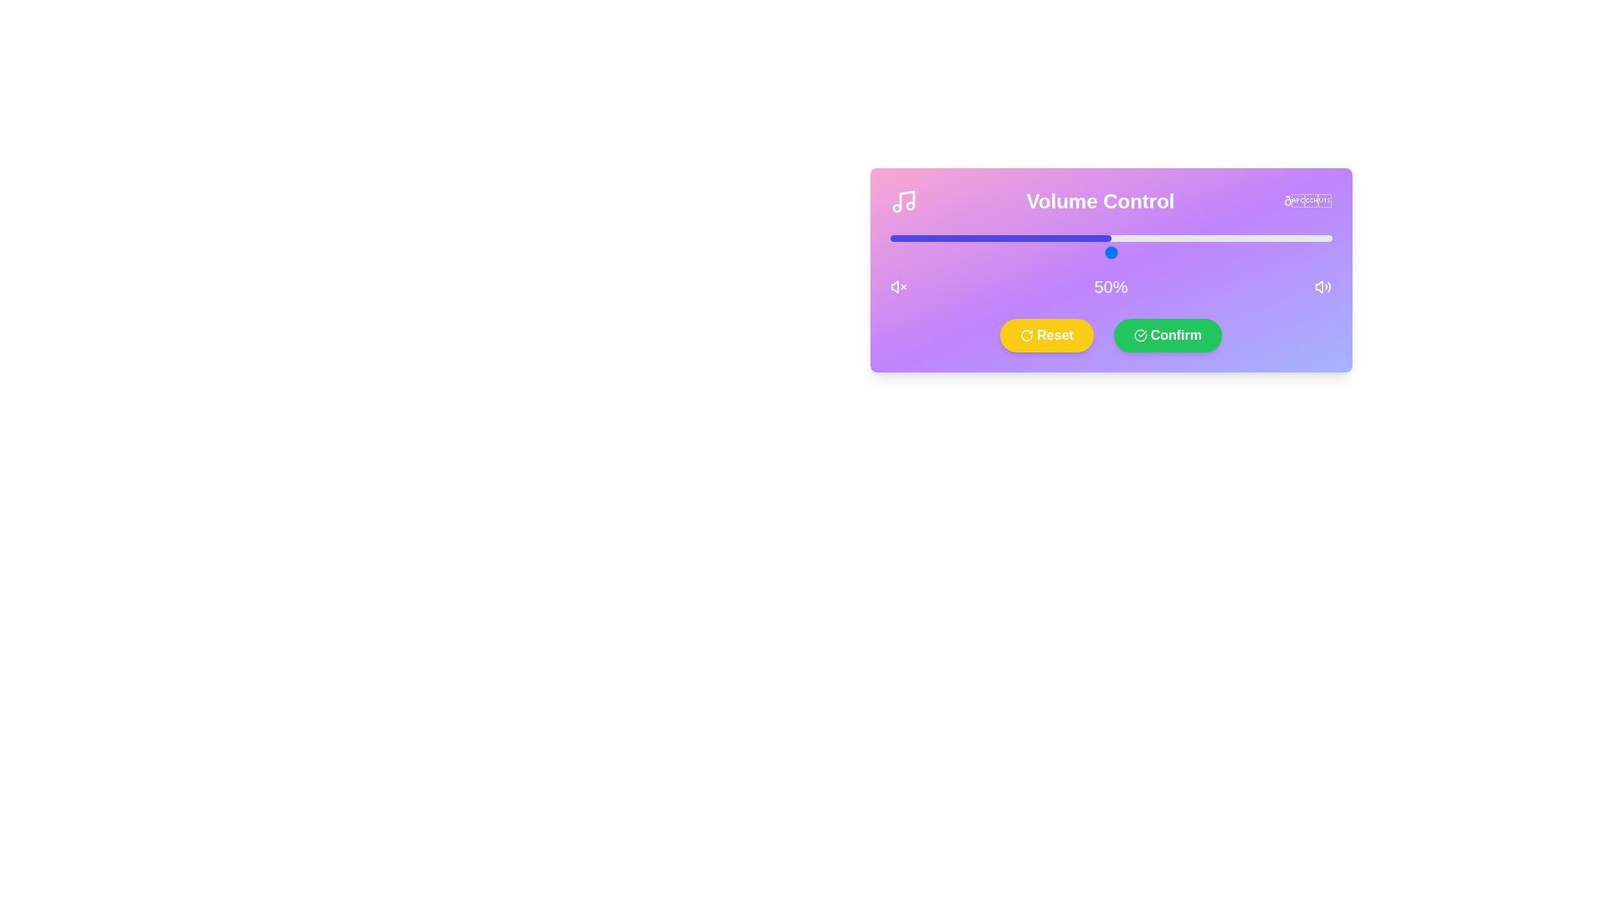 The height and width of the screenshot is (904, 1607). What do you see at coordinates (1026, 336) in the screenshot?
I see `the reset icon located within the 'Reset' button, positioned to the left of the green 'Confirm' button in the lower section of the interface` at bounding box center [1026, 336].